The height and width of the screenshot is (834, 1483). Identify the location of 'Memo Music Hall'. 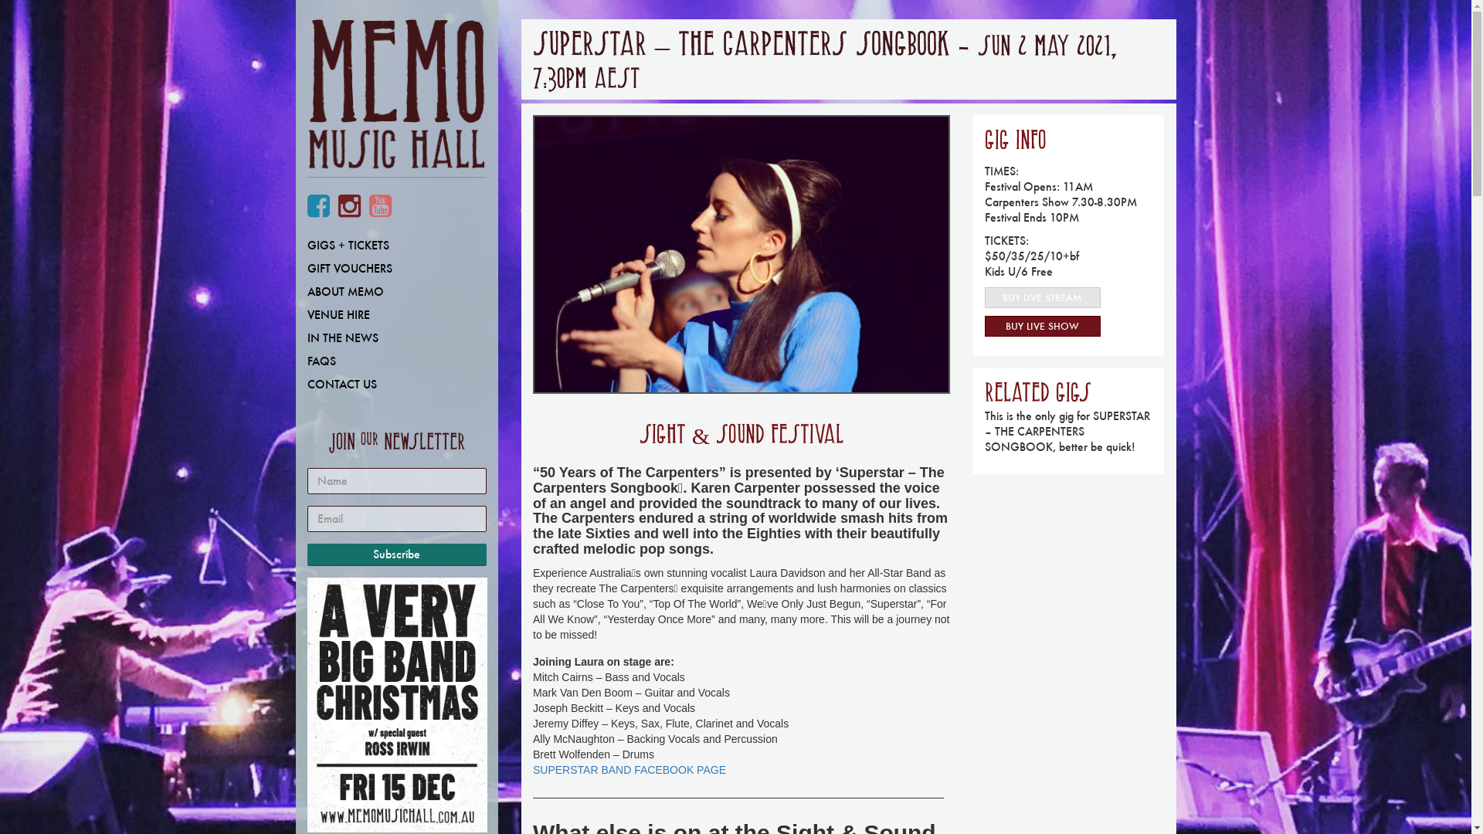
(307, 98).